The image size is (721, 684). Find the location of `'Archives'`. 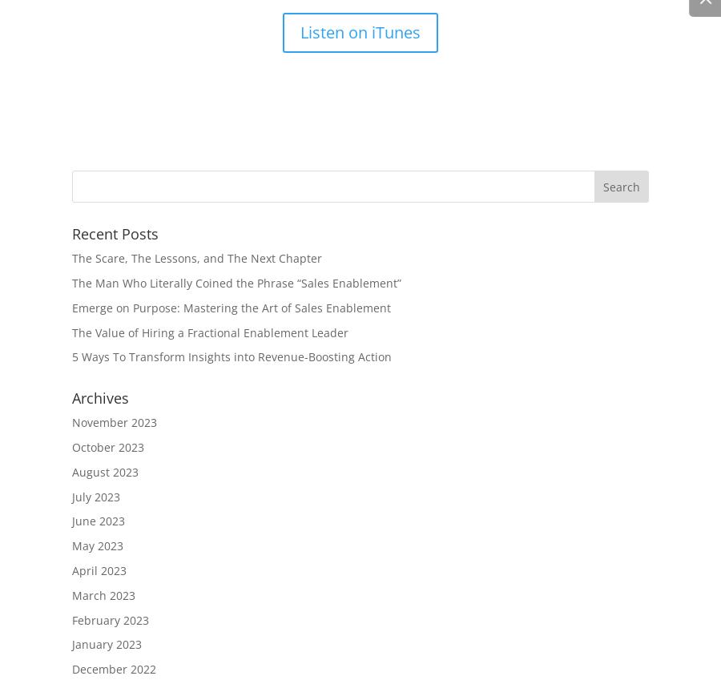

'Archives' is located at coordinates (100, 397).